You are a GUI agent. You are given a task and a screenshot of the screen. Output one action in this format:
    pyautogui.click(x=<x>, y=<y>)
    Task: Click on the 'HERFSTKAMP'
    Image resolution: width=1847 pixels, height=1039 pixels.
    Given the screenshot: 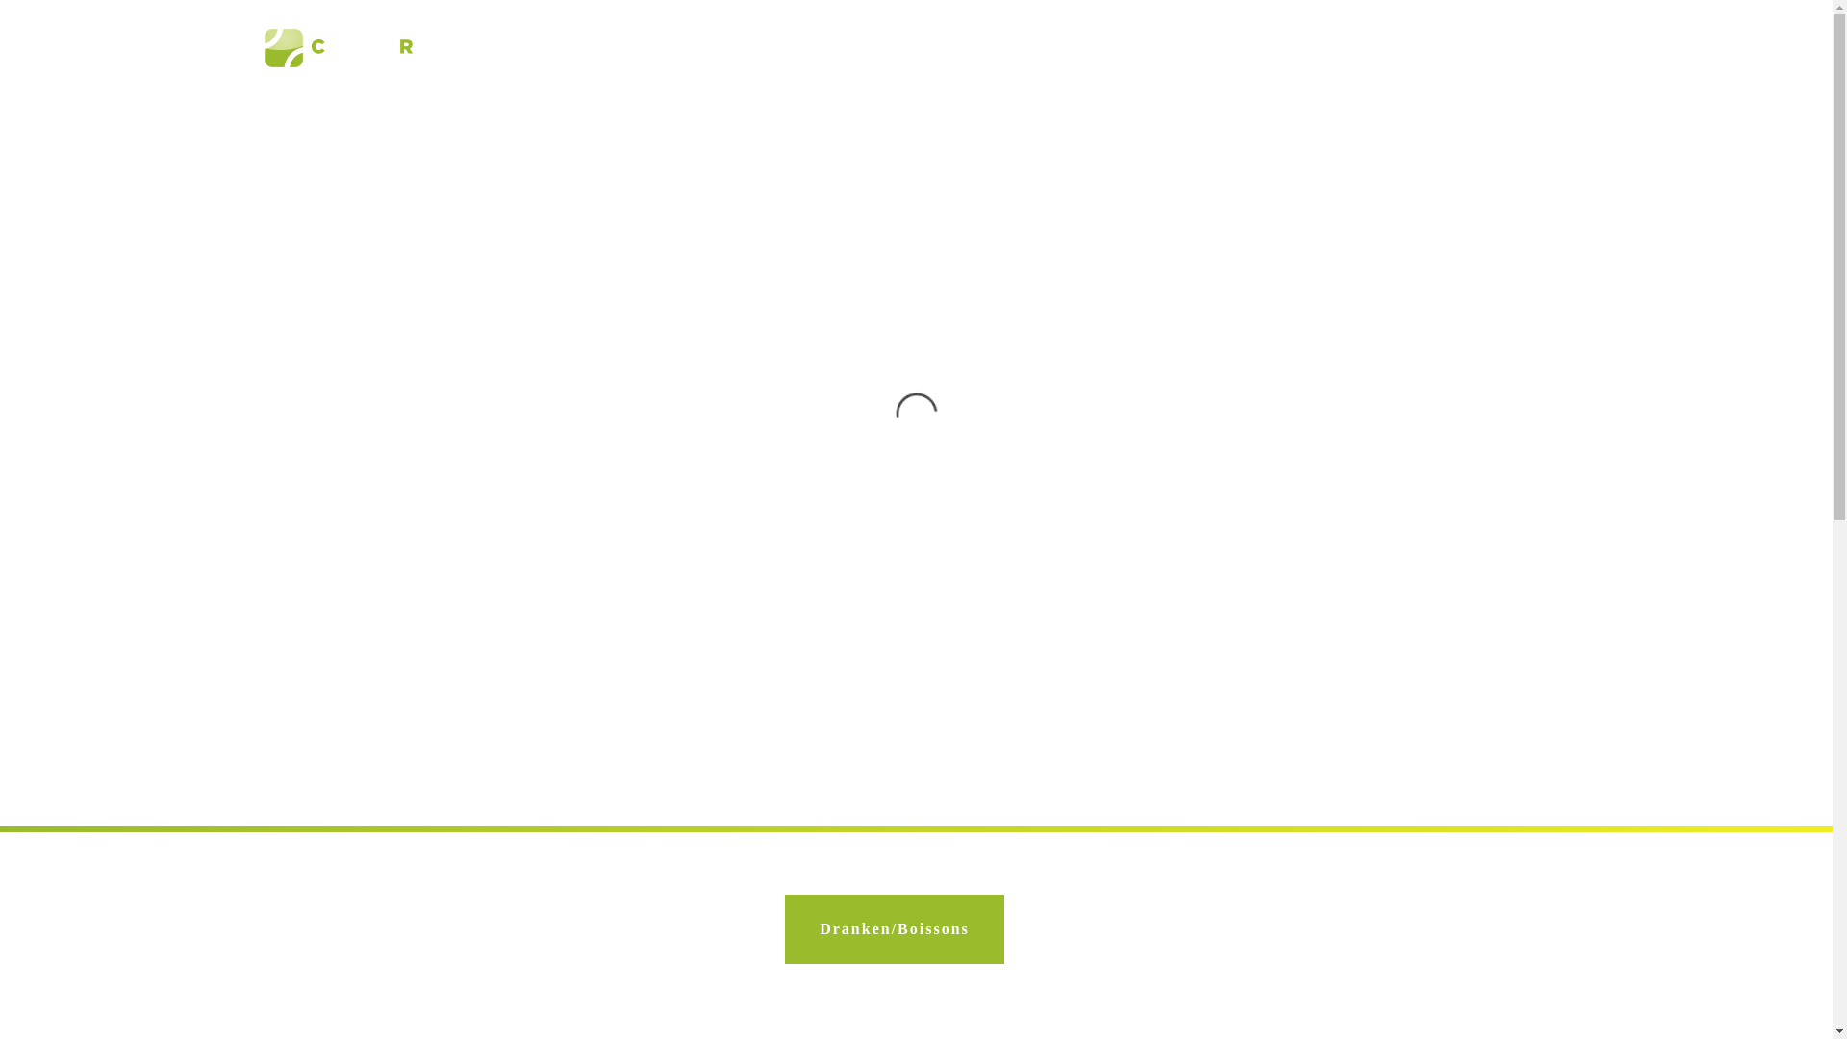 What is the action you would take?
    pyautogui.click(x=1271, y=47)
    